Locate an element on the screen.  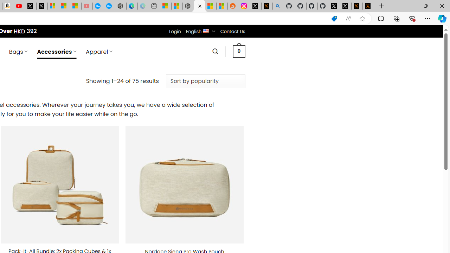
'Nordace - Best Sellers' is located at coordinates (188, 6).